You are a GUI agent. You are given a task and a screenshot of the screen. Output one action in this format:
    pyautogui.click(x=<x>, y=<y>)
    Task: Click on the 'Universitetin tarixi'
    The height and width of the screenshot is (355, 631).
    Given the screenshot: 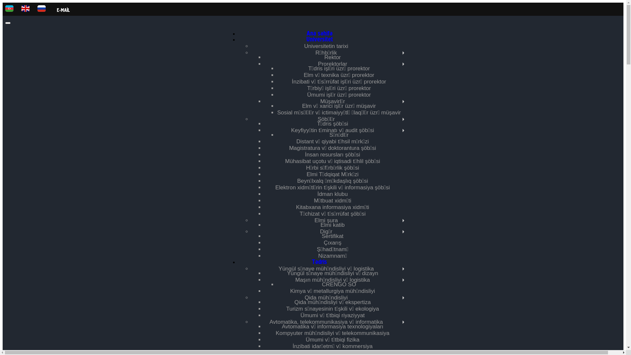 What is the action you would take?
    pyautogui.click(x=326, y=46)
    